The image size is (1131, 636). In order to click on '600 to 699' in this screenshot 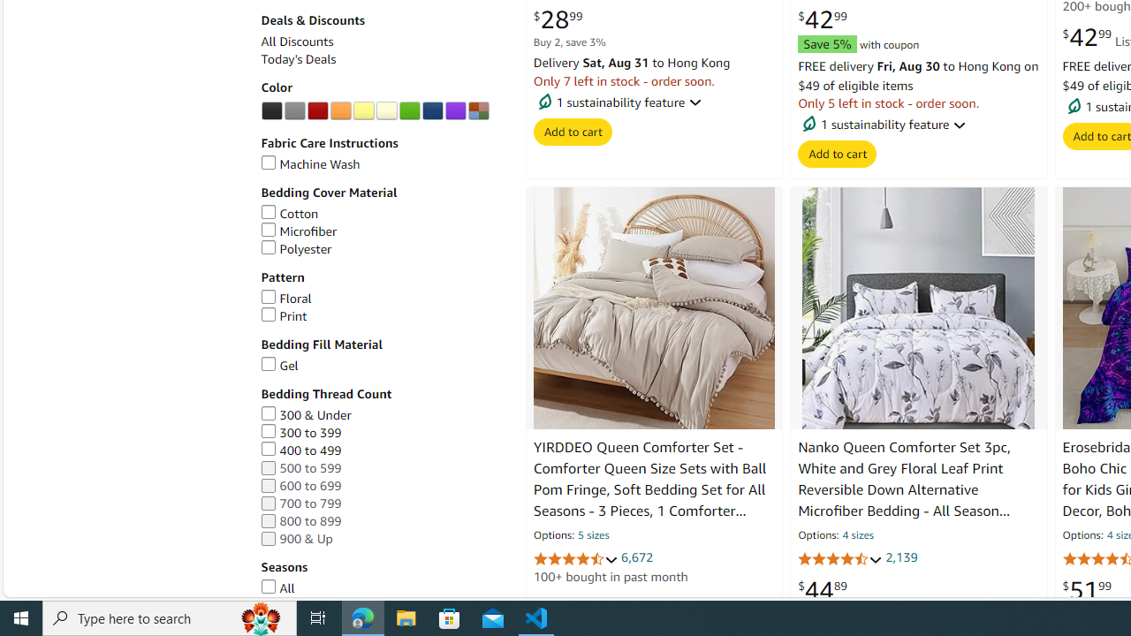, I will do `click(383, 486)`.